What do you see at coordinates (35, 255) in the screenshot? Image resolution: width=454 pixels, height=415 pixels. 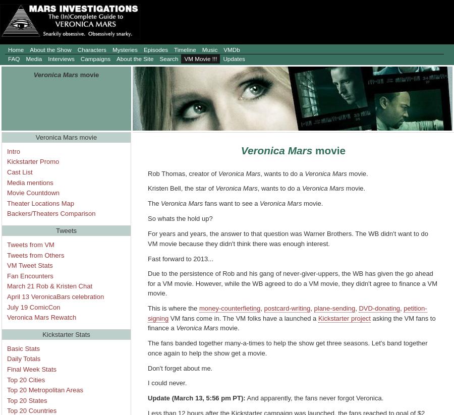 I see `'Tweets from Others'` at bounding box center [35, 255].